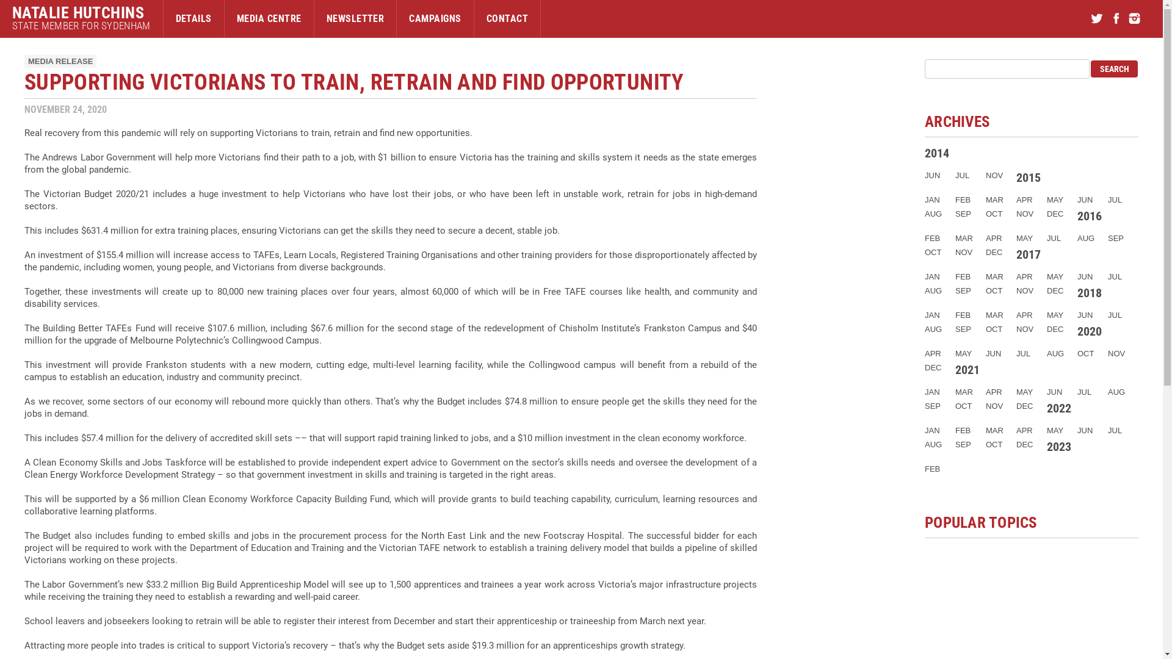 The width and height of the screenshot is (1172, 659). What do you see at coordinates (925, 238) in the screenshot?
I see `'FEB'` at bounding box center [925, 238].